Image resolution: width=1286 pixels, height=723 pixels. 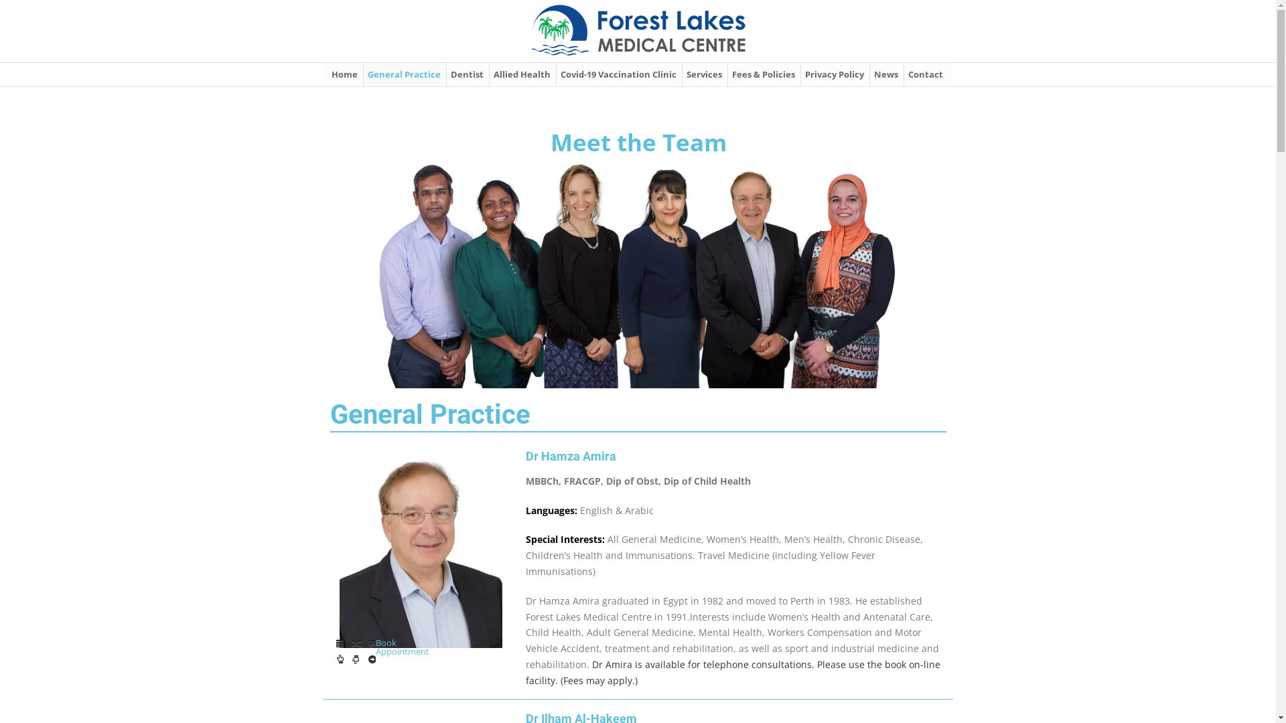 What do you see at coordinates (885, 74) in the screenshot?
I see `'News'` at bounding box center [885, 74].